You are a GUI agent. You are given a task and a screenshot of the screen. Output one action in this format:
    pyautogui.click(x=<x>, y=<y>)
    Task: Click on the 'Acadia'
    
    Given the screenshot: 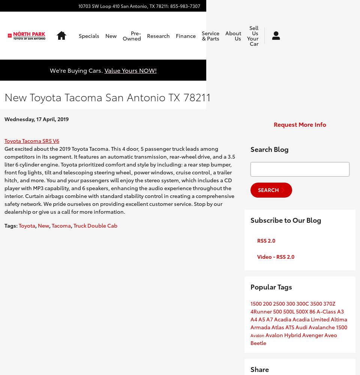 What is the action you would take?
    pyautogui.click(x=274, y=318)
    